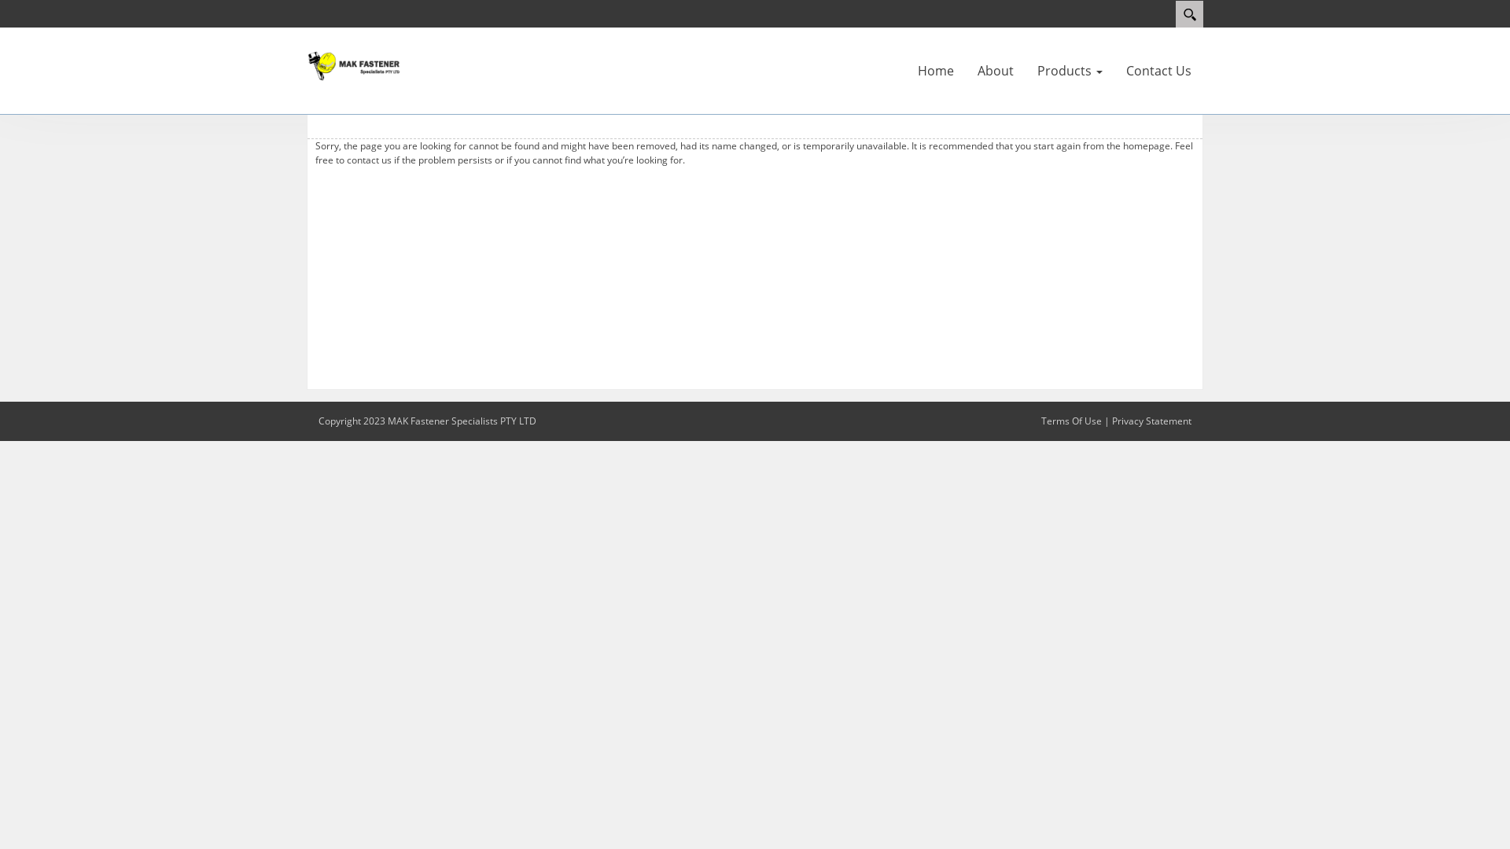 The height and width of the screenshot is (849, 1510). What do you see at coordinates (995, 69) in the screenshot?
I see `'About'` at bounding box center [995, 69].